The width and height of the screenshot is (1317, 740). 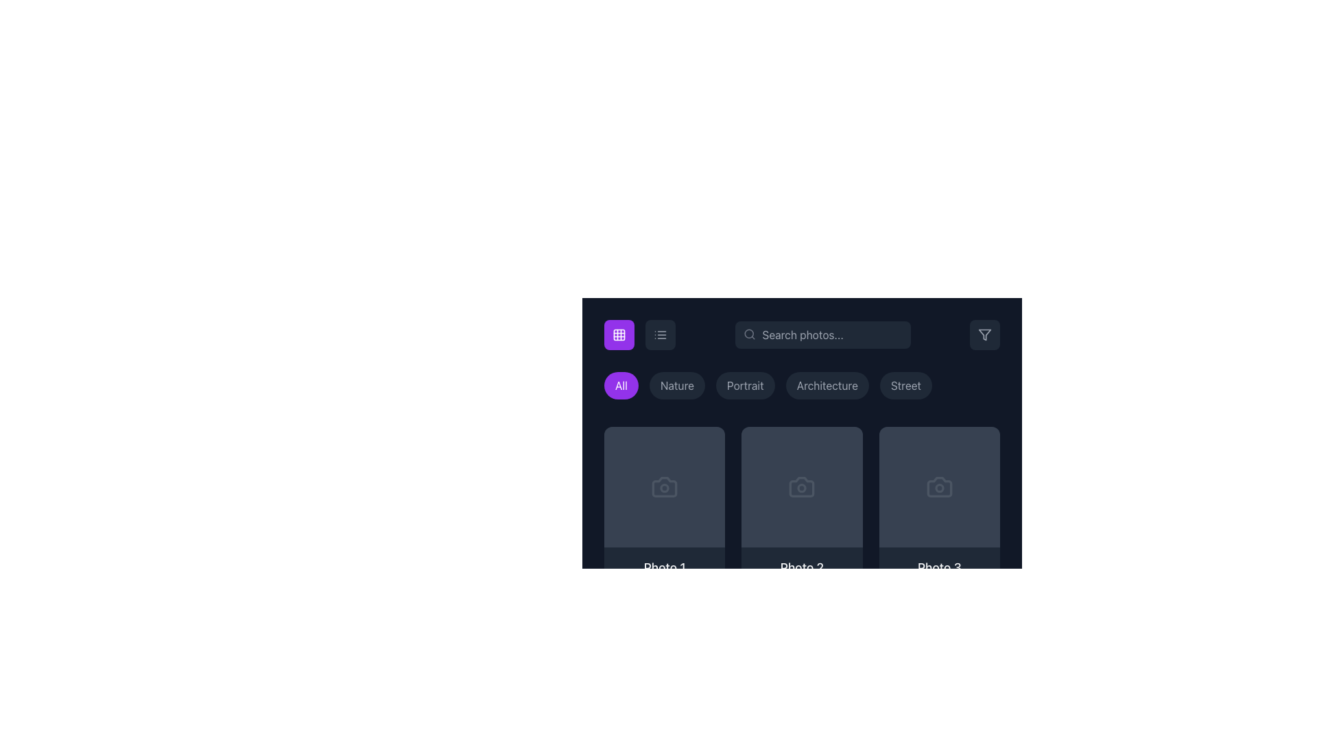 I want to click on the circular download button with a slightly transparent white background located in the upper-middle section of the card to initiate a download, so click(x=665, y=486).